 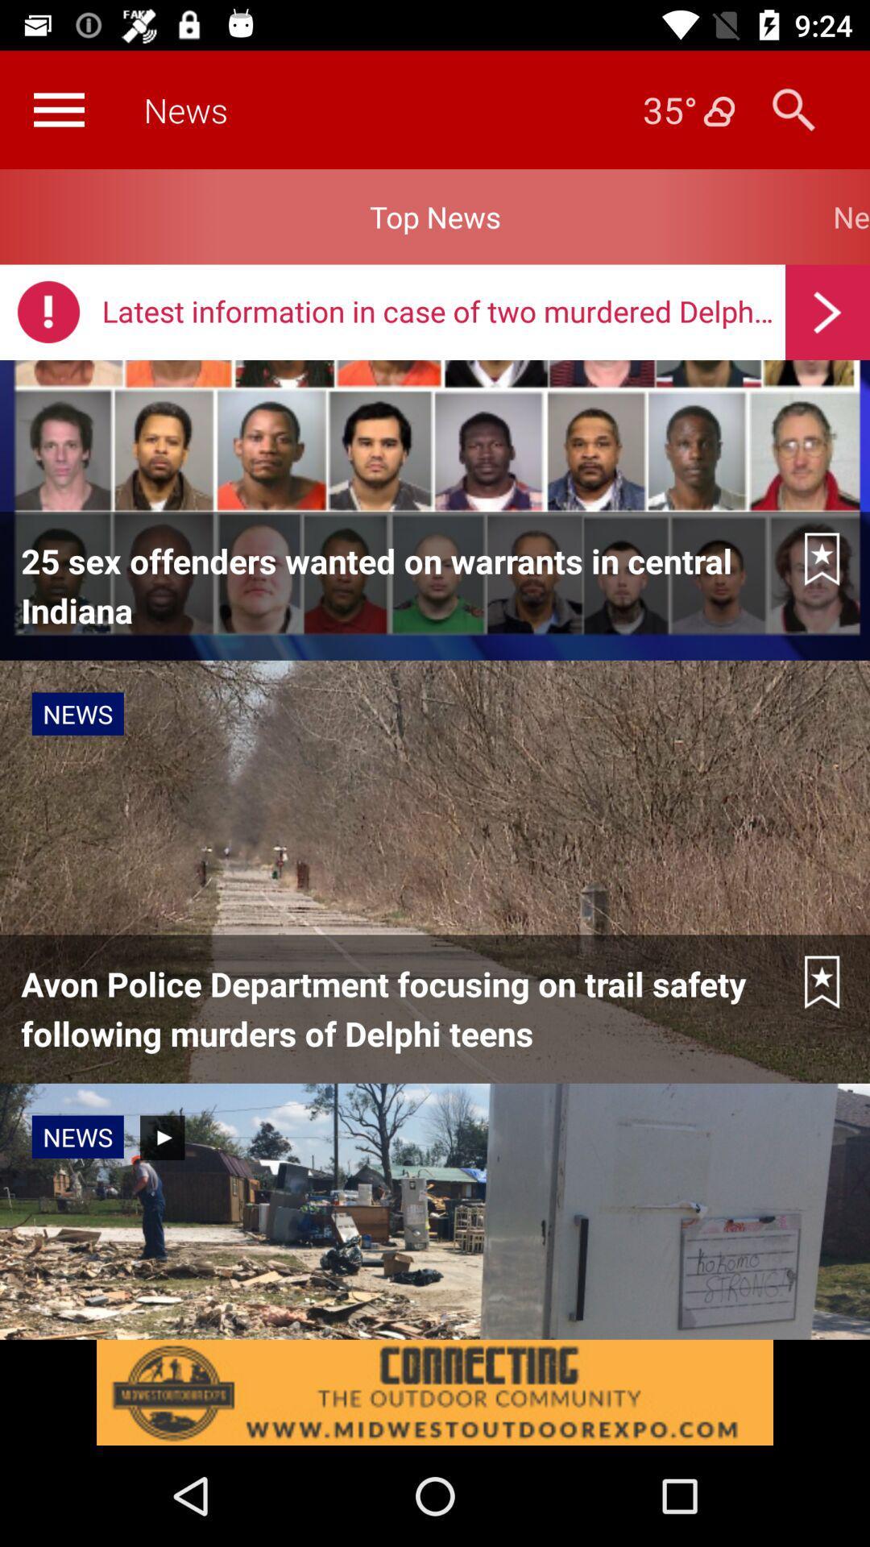 What do you see at coordinates (58, 109) in the screenshot?
I see `the menu icon` at bounding box center [58, 109].